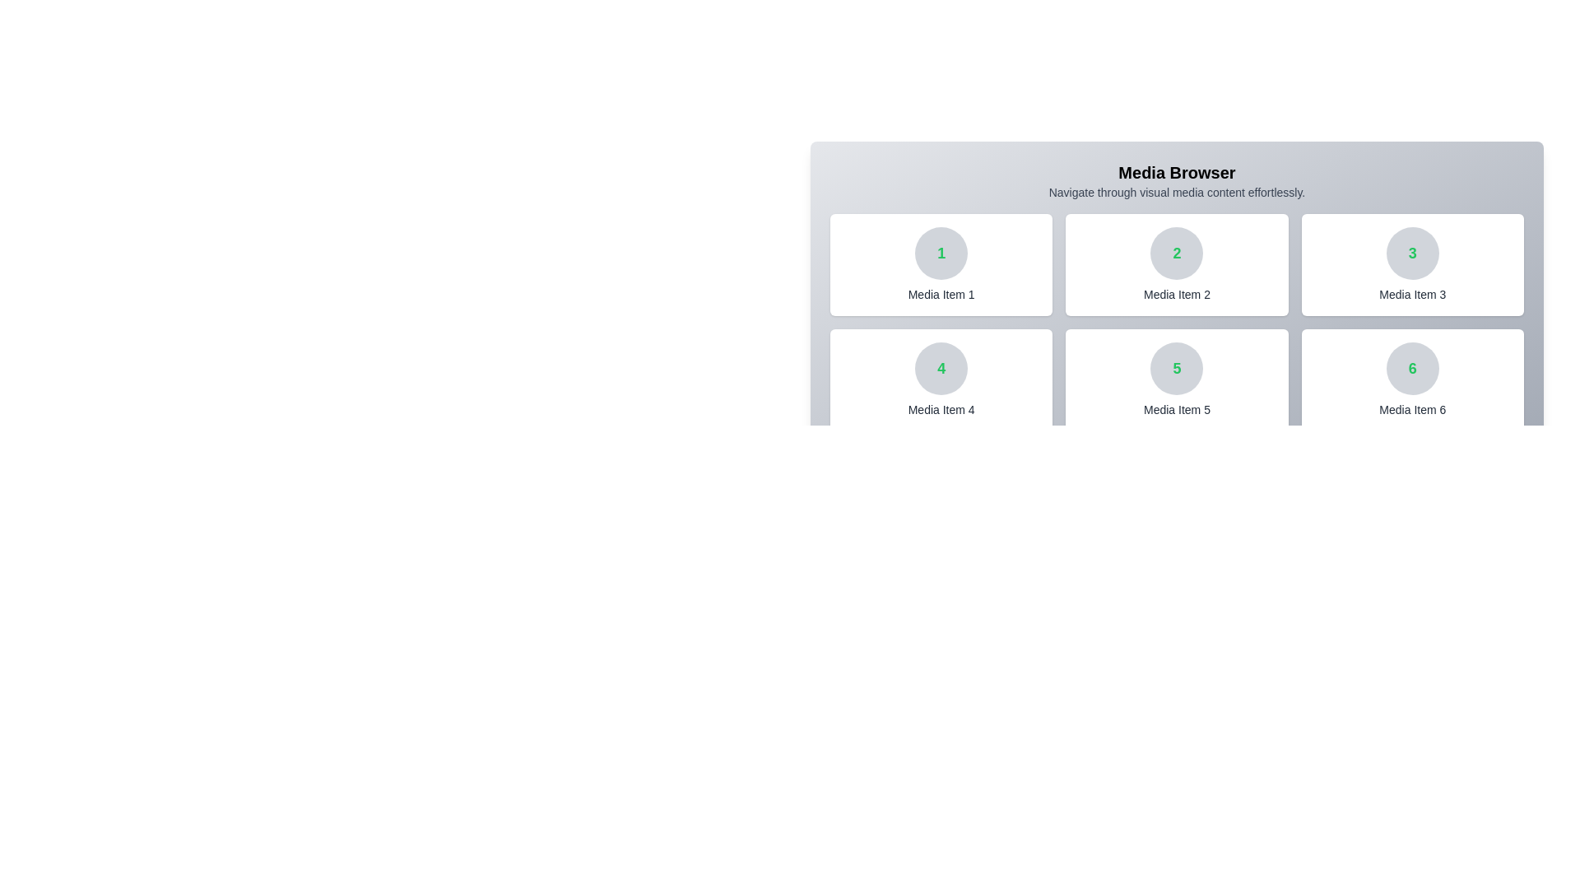  I want to click on the Static Text element labeled 'Media Item 1', which is styled in gray and located below the circular graphical element with '1' in the first card of the grid layout, so click(941, 294).